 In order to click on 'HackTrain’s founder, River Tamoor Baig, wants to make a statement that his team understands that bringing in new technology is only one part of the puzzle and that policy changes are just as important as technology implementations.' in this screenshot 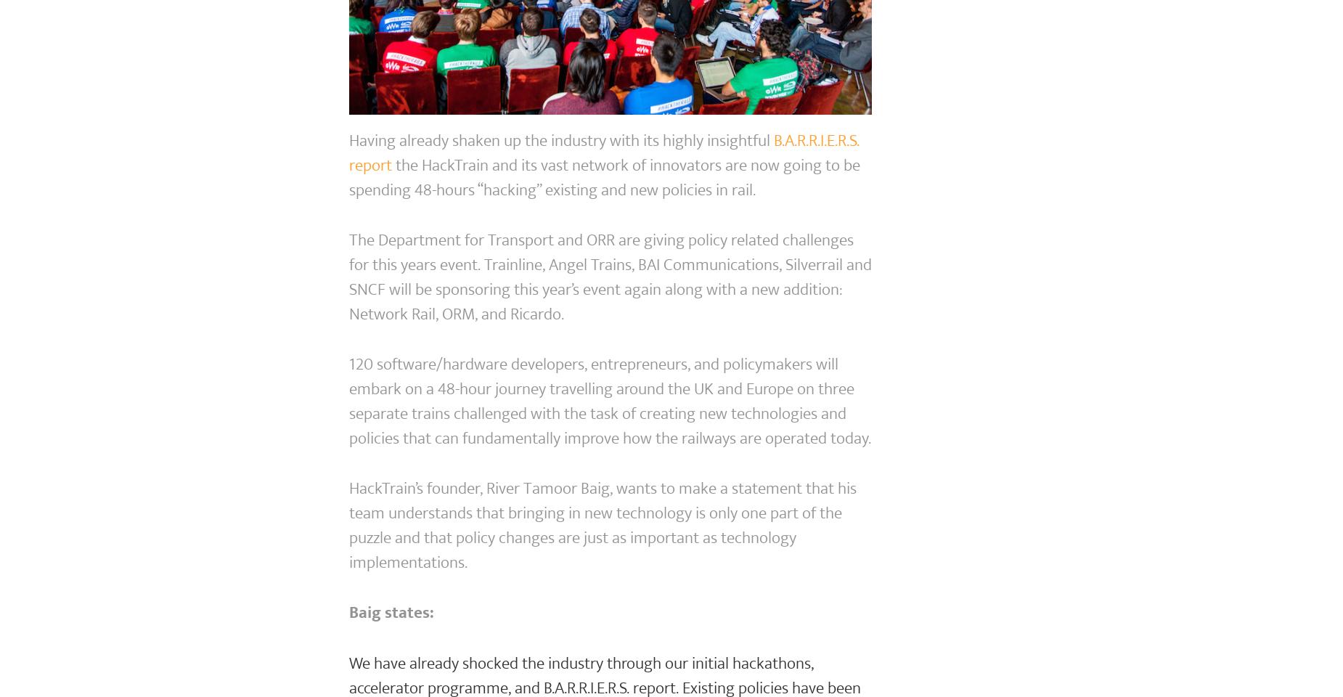, I will do `click(602, 525)`.